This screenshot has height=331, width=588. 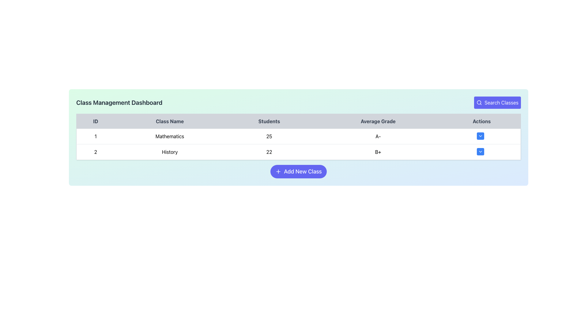 What do you see at coordinates (95, 152) in the screenshot?
I see `the text element representing the identifier for the second entry in the table, located in the second row and first column under the 'ID' header` at bounding box center [95, 152].